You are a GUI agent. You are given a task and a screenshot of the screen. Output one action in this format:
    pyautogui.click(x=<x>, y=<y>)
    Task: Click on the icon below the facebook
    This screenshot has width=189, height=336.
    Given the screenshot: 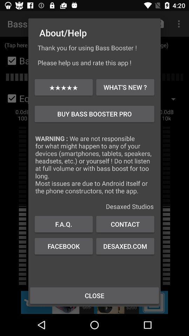 What is the action you would take?
    pyautogui.click(x=94, y=295)
    